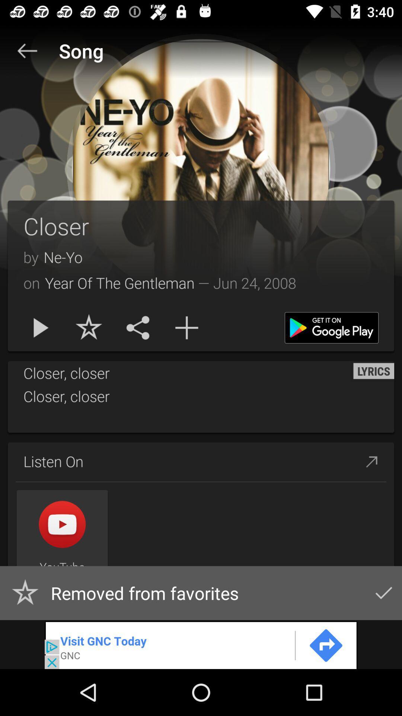  I want to click on the star icon, so click(88, 327).